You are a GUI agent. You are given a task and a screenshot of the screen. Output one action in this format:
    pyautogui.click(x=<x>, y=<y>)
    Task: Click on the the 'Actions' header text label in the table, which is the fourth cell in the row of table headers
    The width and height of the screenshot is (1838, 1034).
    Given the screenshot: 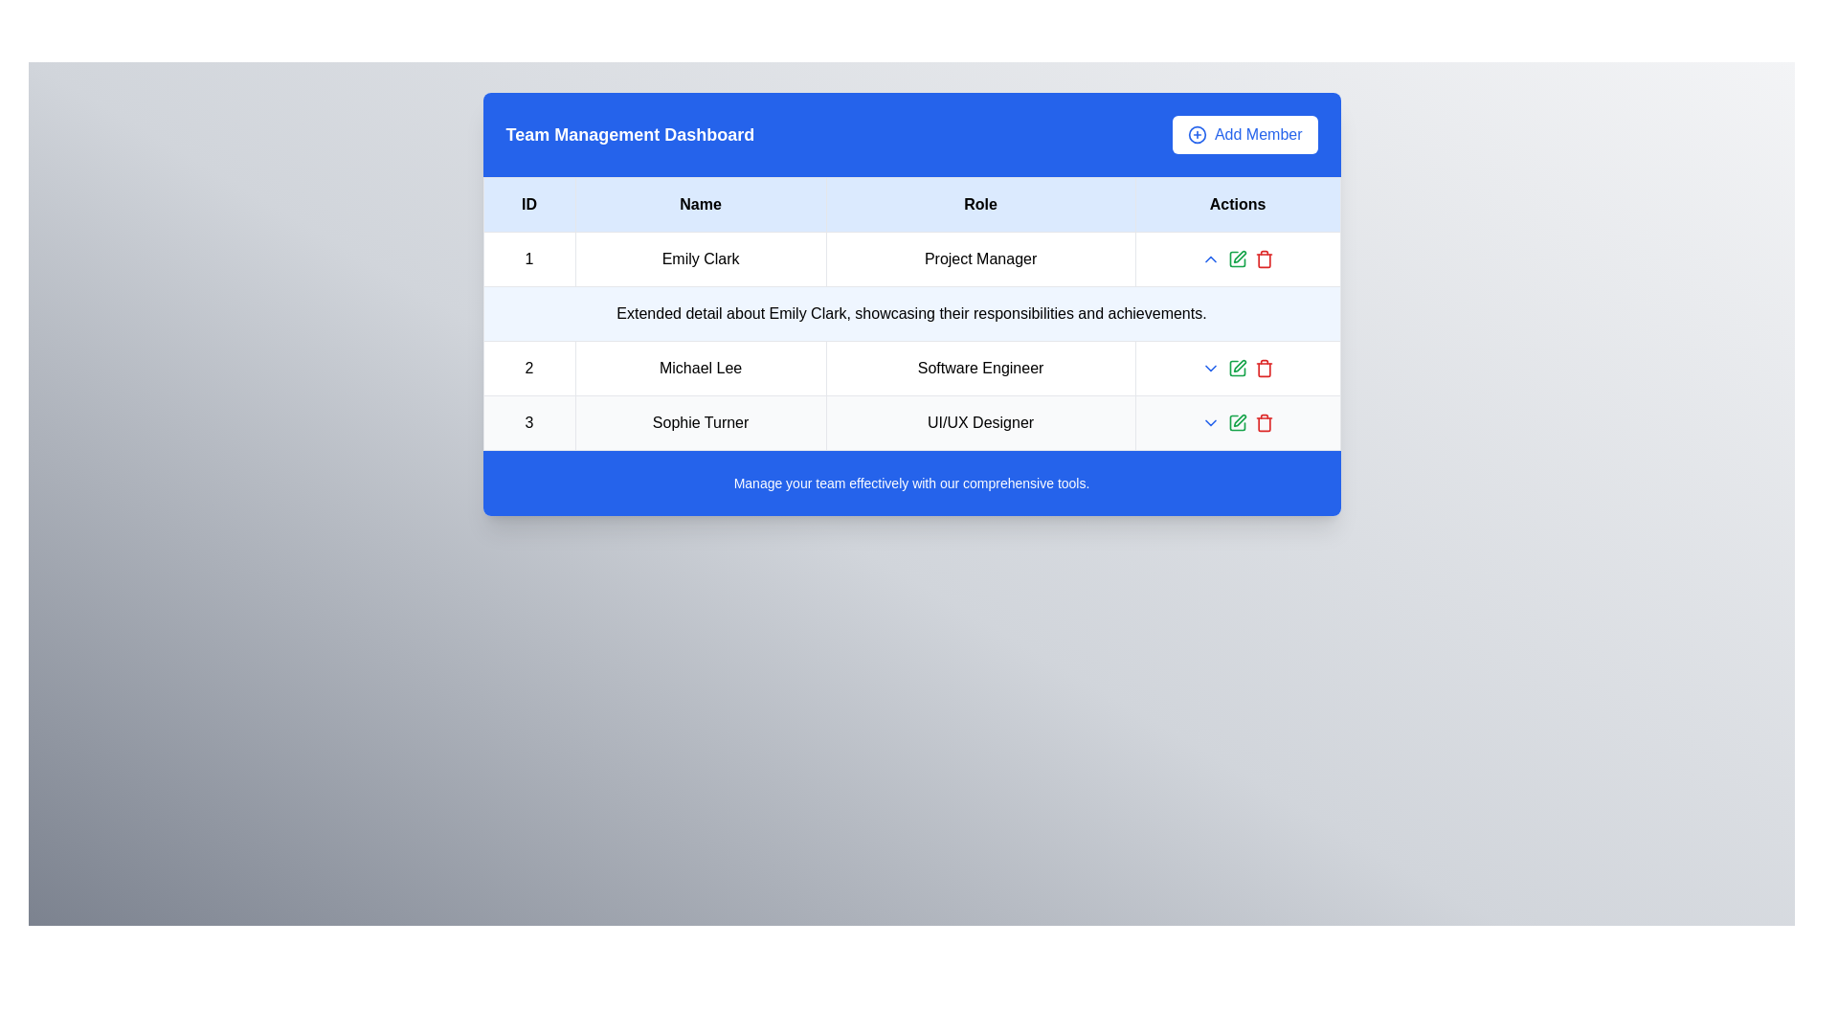 What is the action you would take?
    pyautogui.click(x=1238, y=204)
    